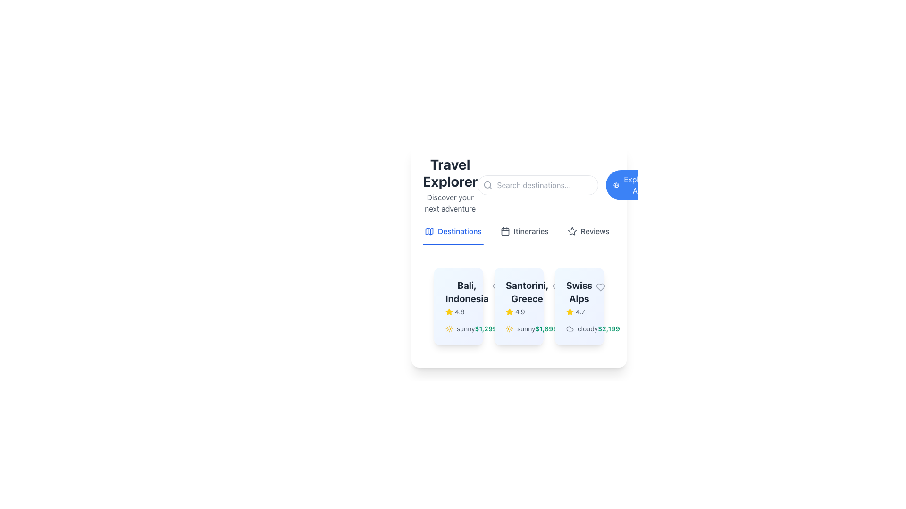 The width and height of the screenshot is (906, 509). What do you see at coordinates (429, 231) in the screenshot?
I see `the map icon with a blue outline located in the navigation tab labeled 'Destinations'` at bounding box center [429, 231].